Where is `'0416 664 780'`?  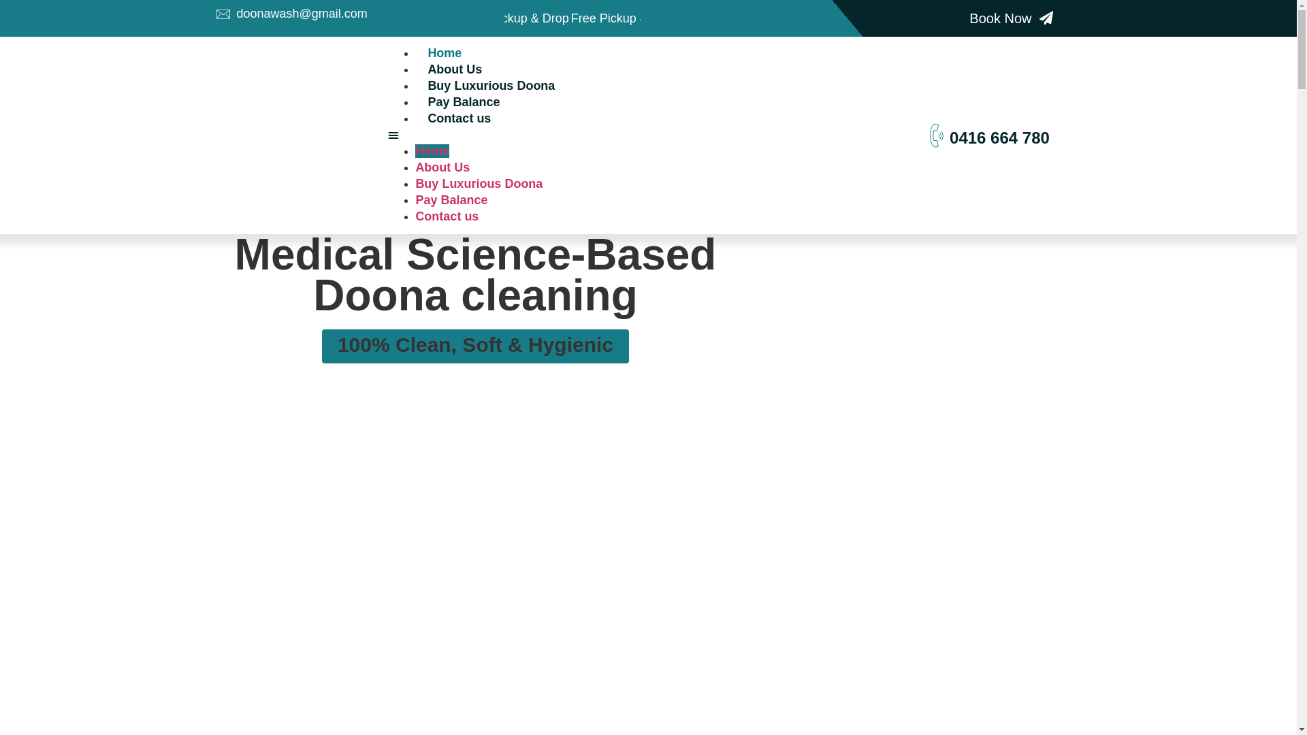 '0416 664 780' is located at coordinates (999, 137).